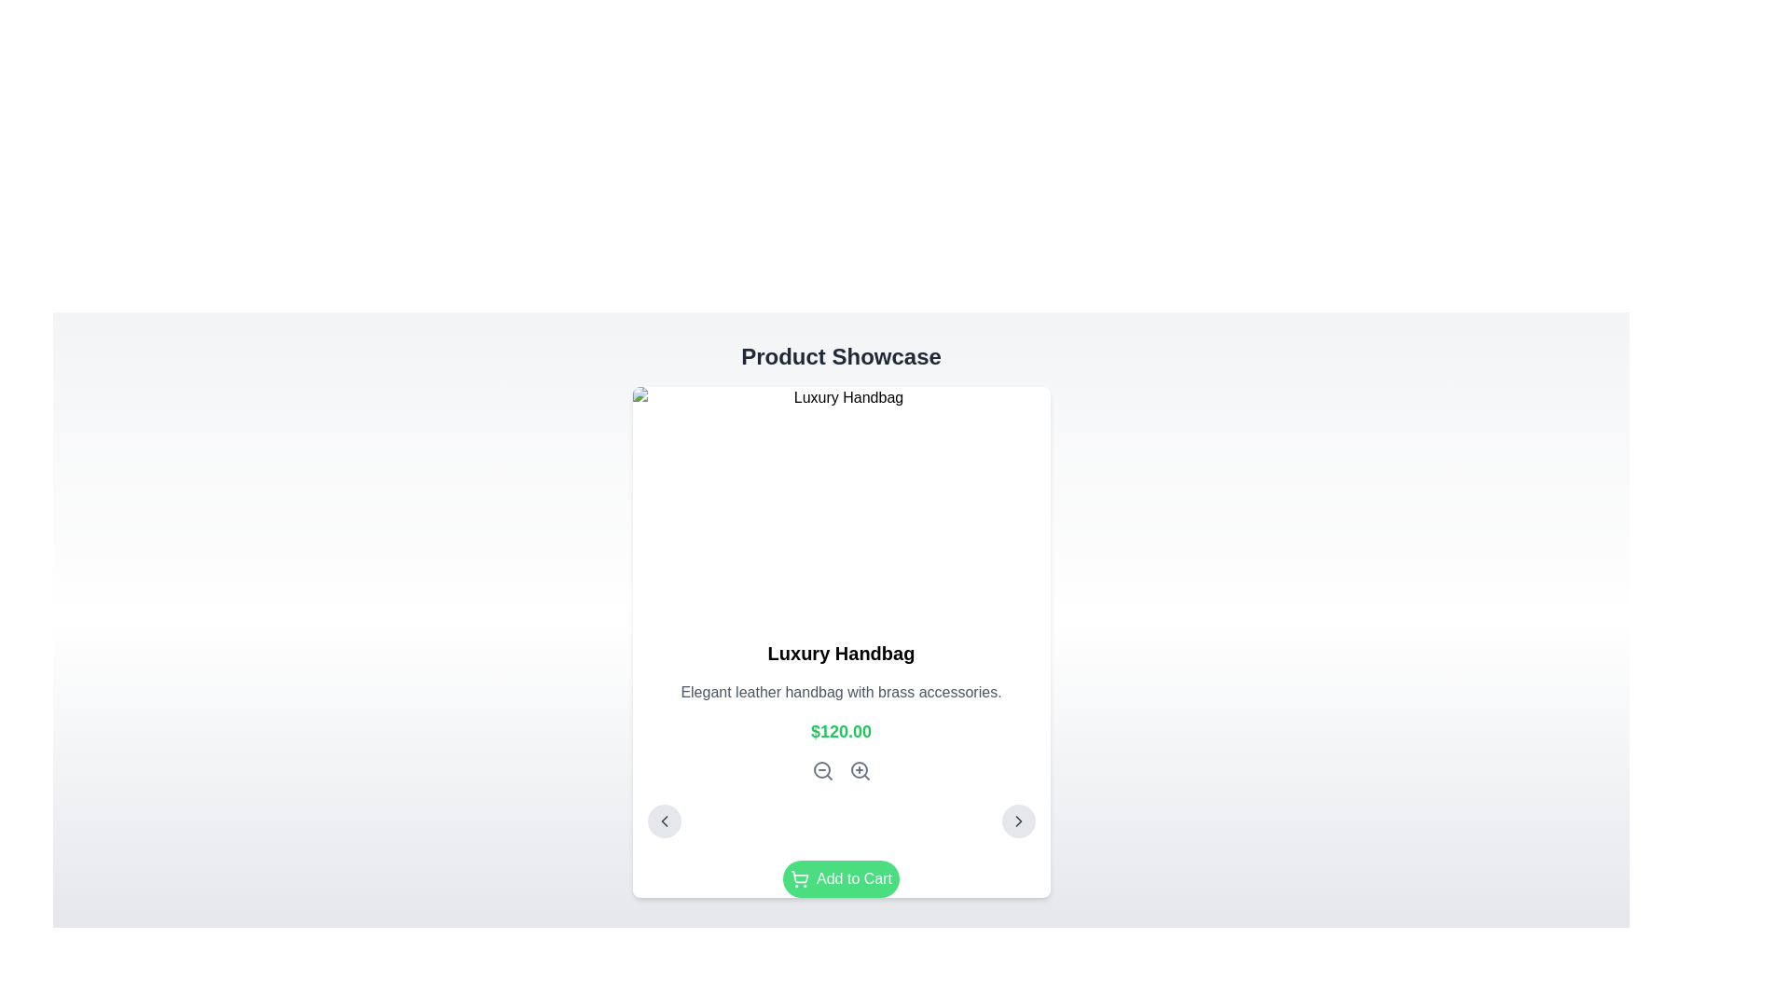  Describe the element at coordinates (821, 770) in the screenshot. I see `the leftmost icon in the 'Product Showcase' card, located to the immediate right of the product price` at that location.